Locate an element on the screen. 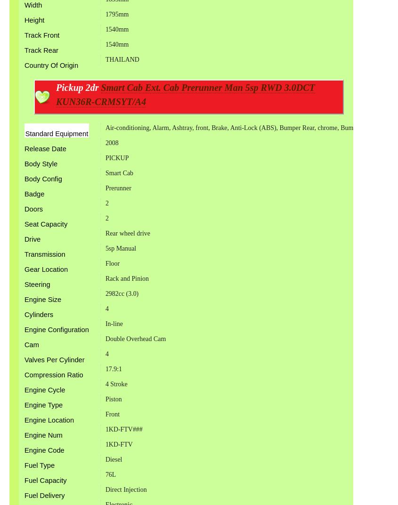 The height and width of the screenshot is (505, 398). 'Fuel Capacity' is located at coordinates (45, 481).